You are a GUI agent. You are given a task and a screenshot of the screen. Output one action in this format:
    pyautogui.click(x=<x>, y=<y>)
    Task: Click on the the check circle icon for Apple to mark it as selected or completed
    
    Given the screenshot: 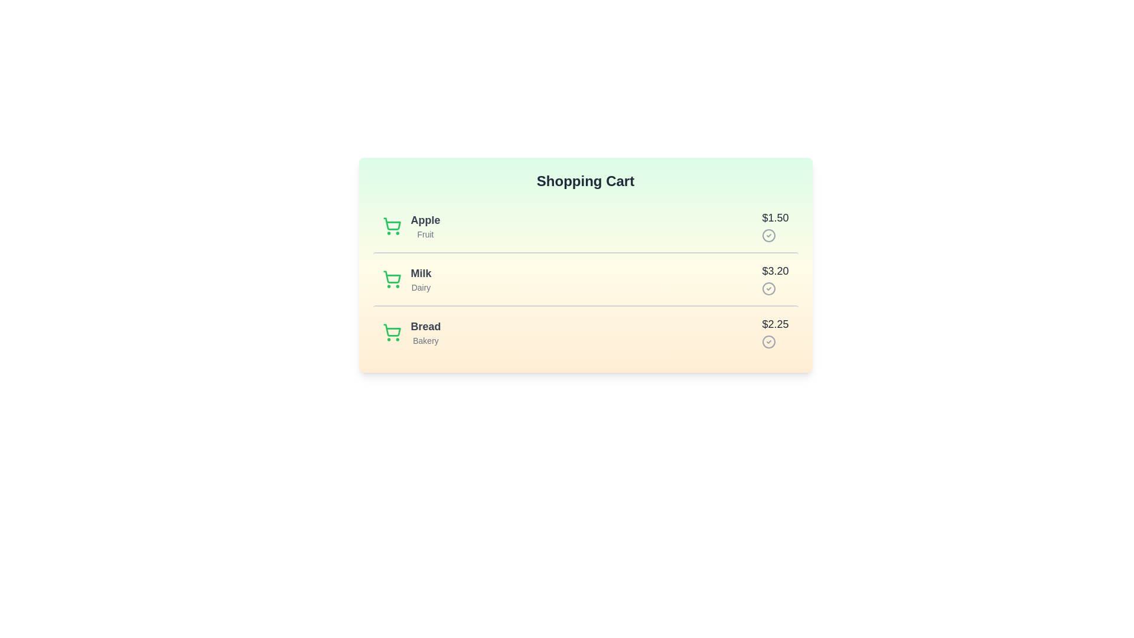 What is the action you would take?
    pyautogui.click(x=769, y=235)
    